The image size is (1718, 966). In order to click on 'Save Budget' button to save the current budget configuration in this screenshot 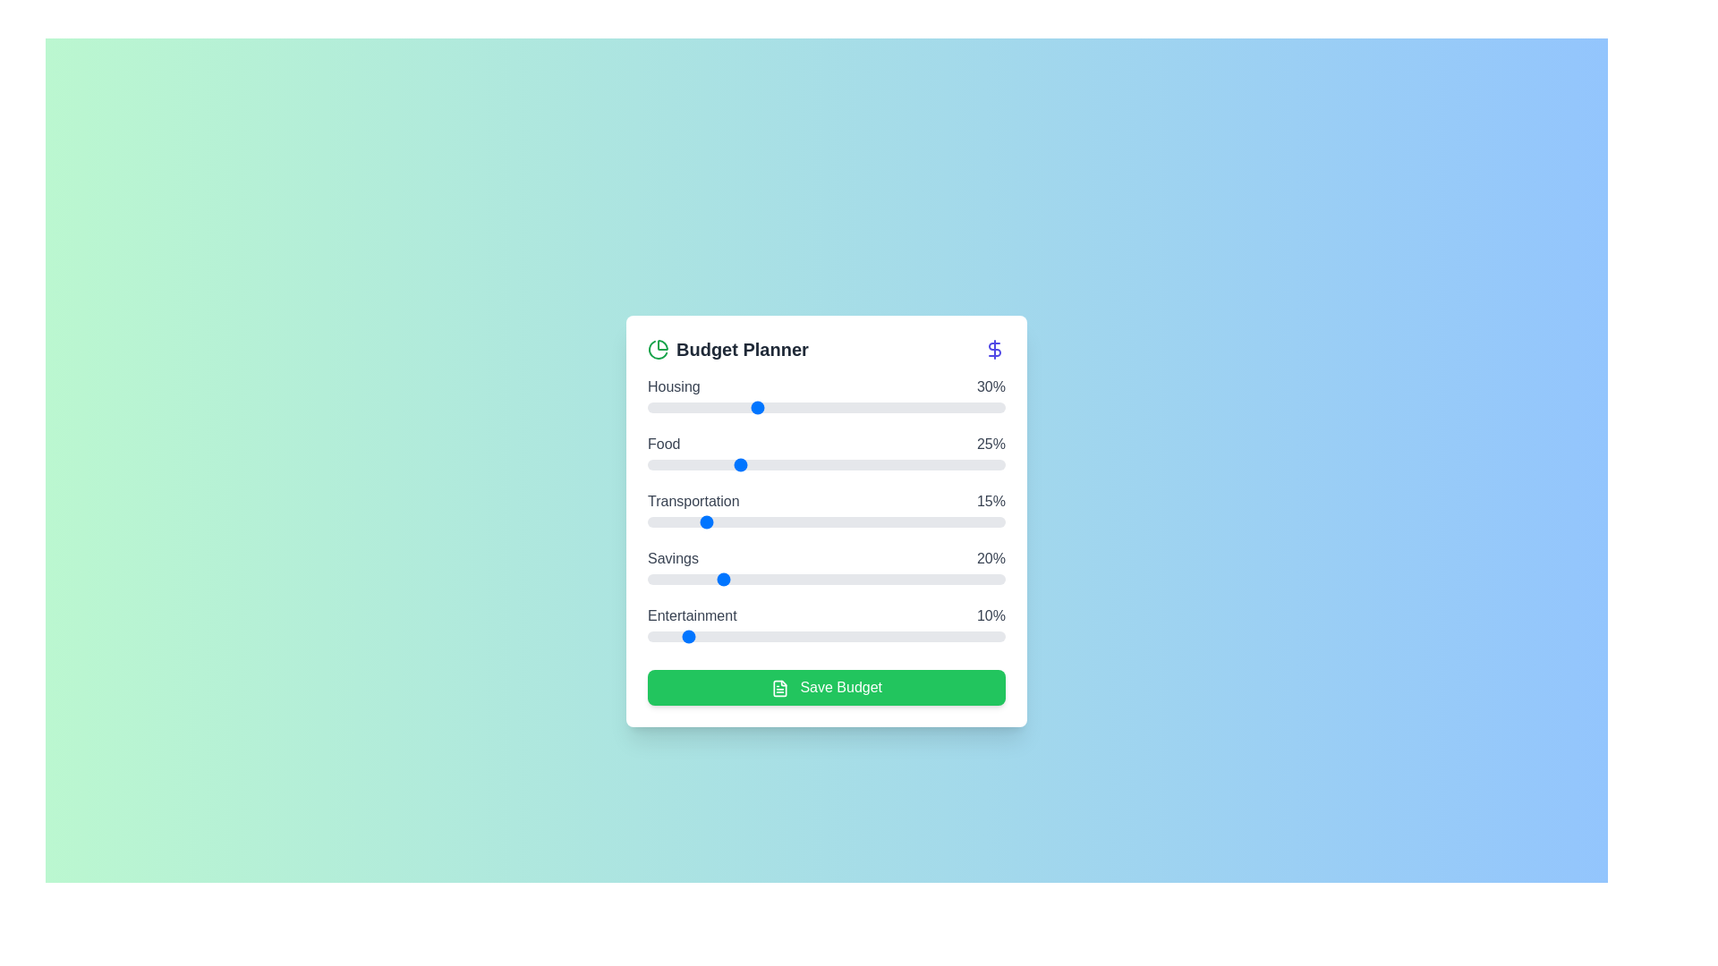, I will do `click(826, 686)`.